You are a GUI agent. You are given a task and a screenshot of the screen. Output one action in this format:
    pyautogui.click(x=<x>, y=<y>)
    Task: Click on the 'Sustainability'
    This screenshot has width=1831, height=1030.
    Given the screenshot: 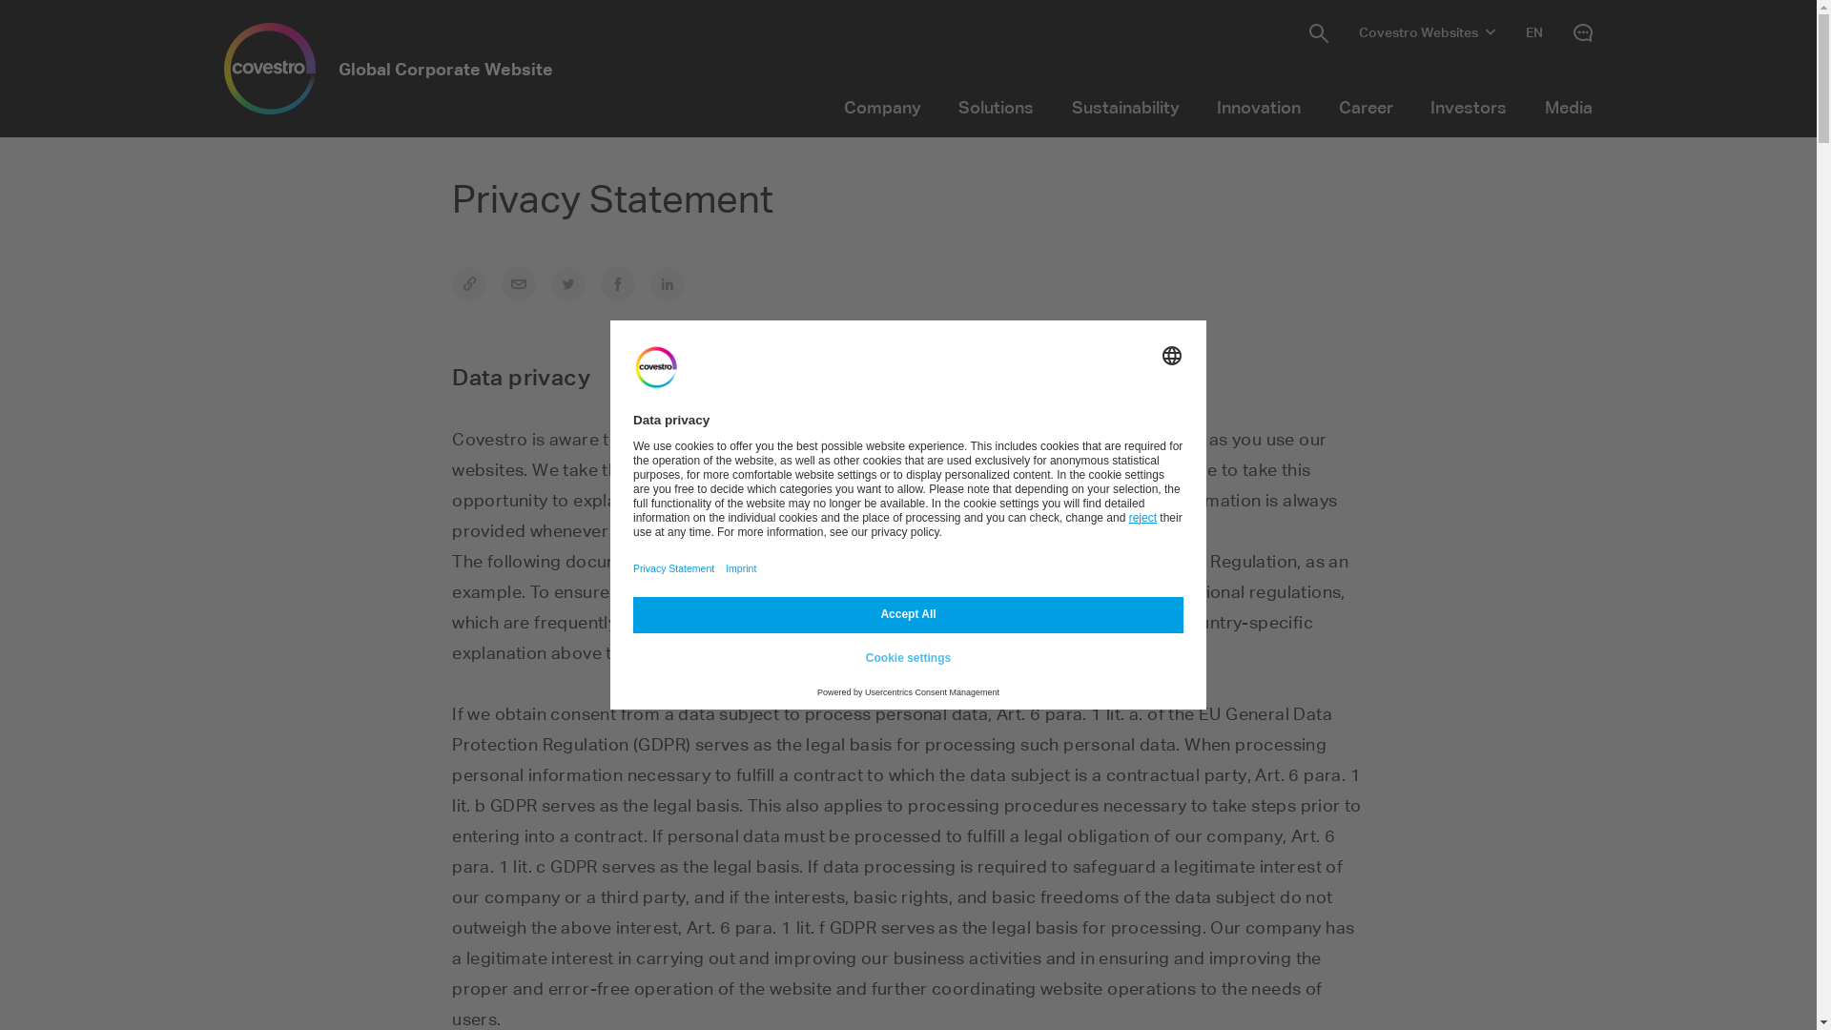 What is the action you would take?
    pyautogui.click(x=1125, y=106)
    